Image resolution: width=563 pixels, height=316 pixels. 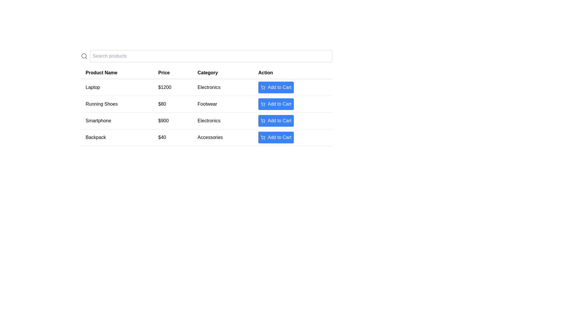 What do you see at coordinates (263, 120) in the screenshot?
I see `the shopping cart icon located to the left of the 'Add to Cart' text in the third button from the top in the 'Action' column of the table` at bounding box center [263, 120].